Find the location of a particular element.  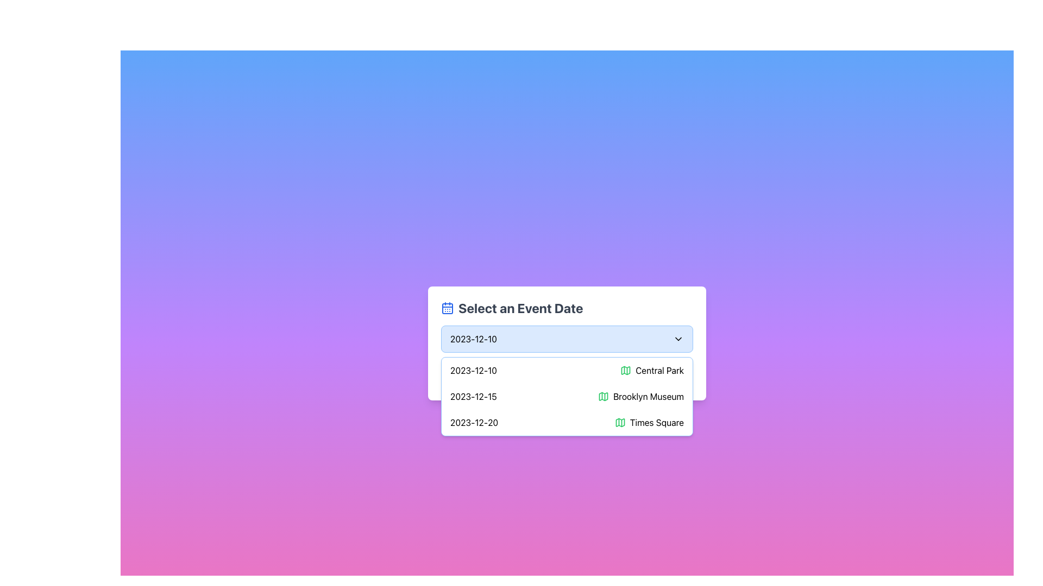

the dropdown menu titled 'Select an Event Date' is located at coordinates (566, 343).